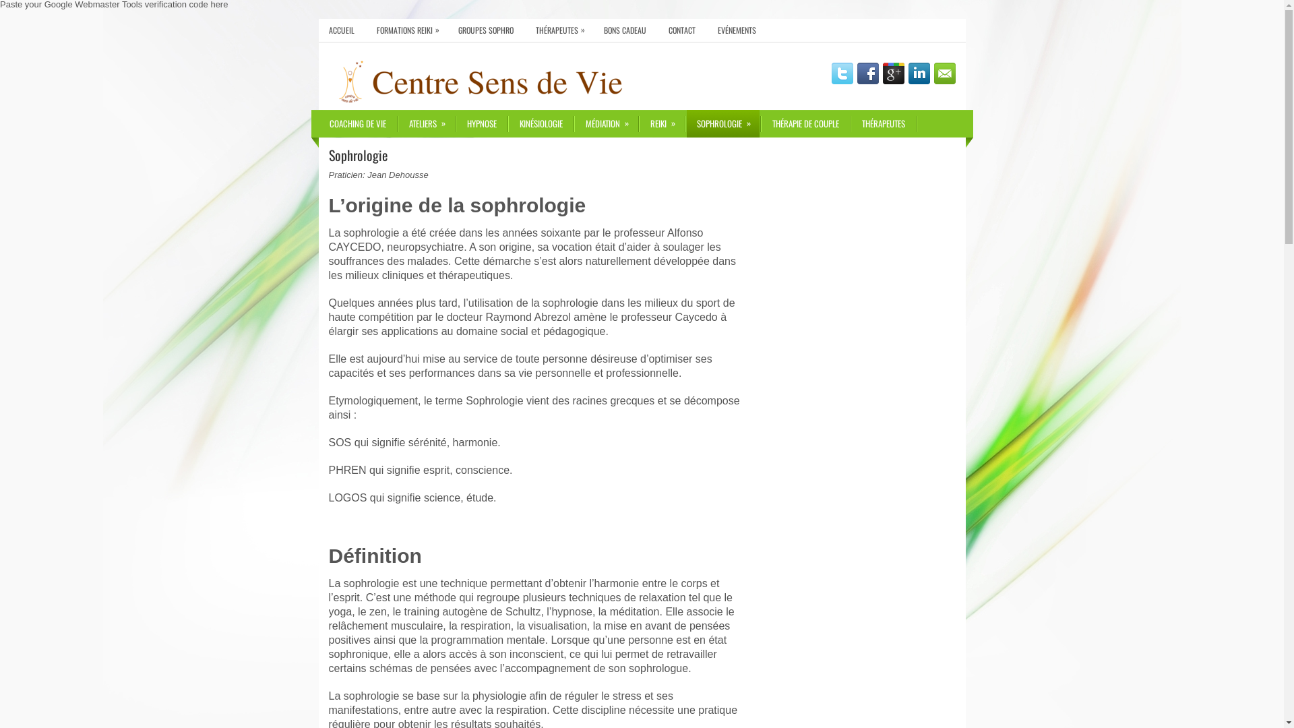 The width and height of the screenshot is (1294, 728). I want to click on 'Facebook', so click(867, 73).